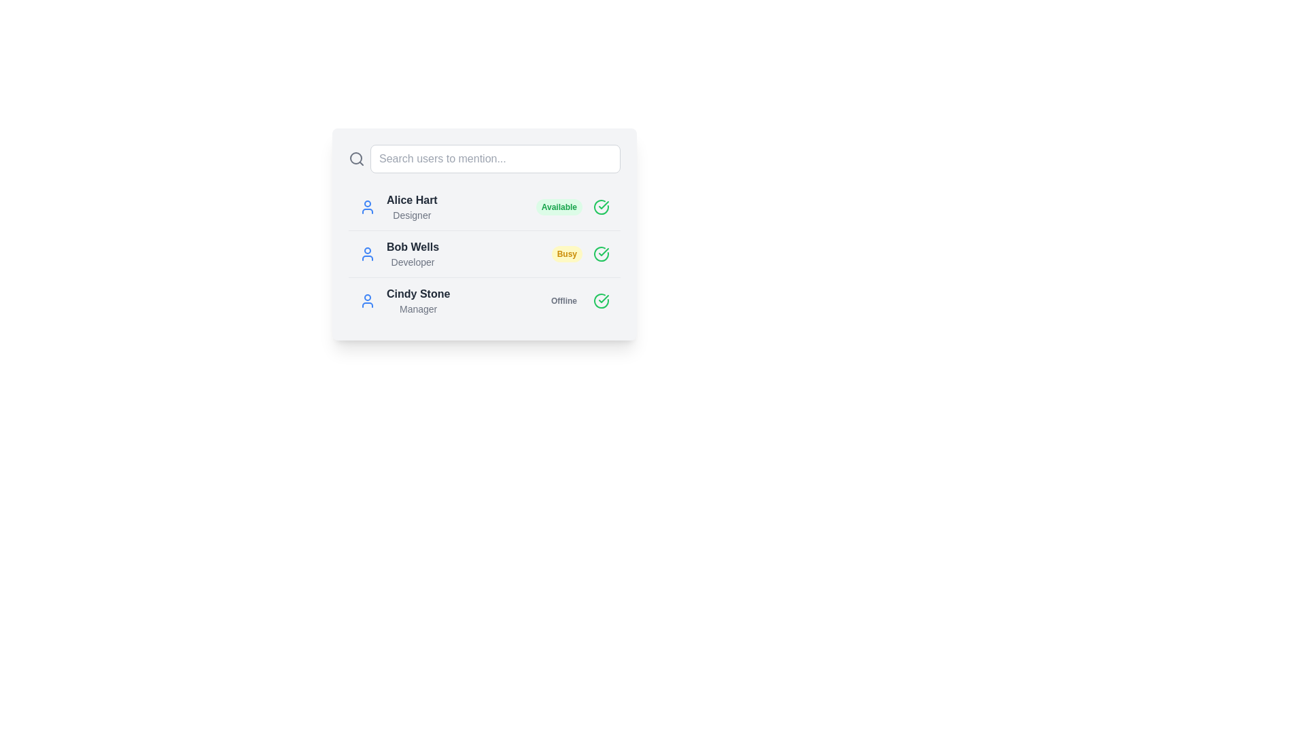  I want to click on the text display element that contains the bold name 'Alice Hart' and the lighter role 'Designer', positioned above the status indicator 'Available', so click(411, 207).